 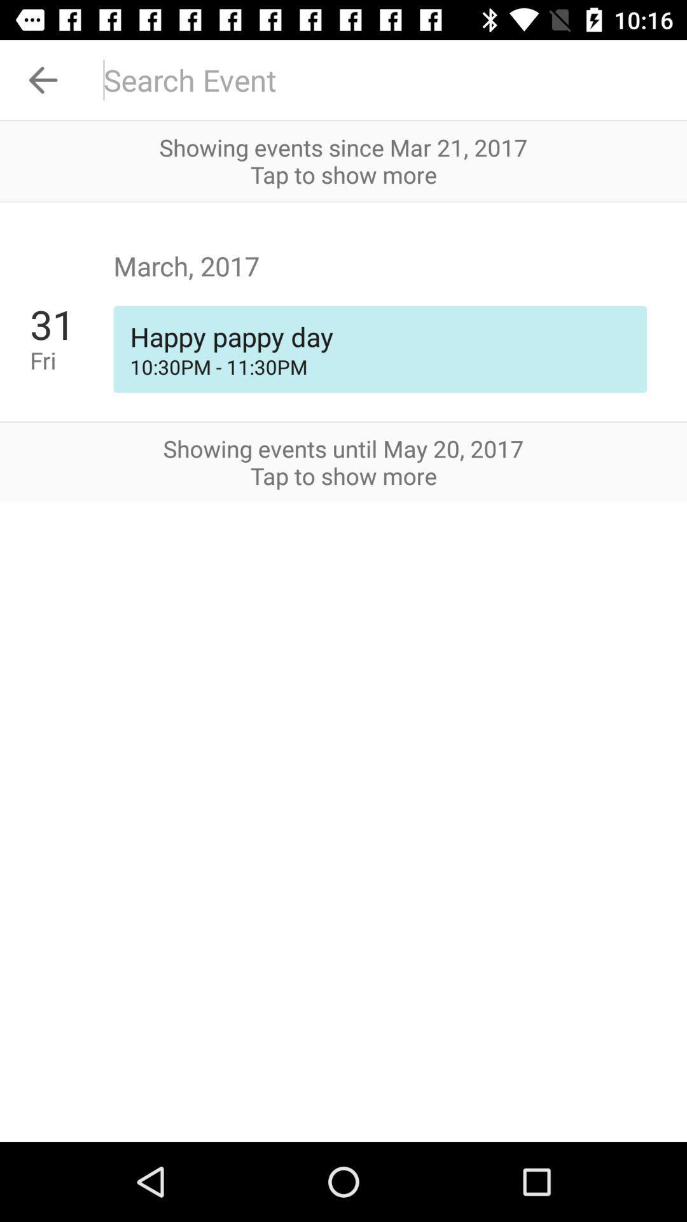 What do you see at coordinates (379, 366) in the screenshot?
I see `icon next to 31 icon` at bounding box center [379, 366].